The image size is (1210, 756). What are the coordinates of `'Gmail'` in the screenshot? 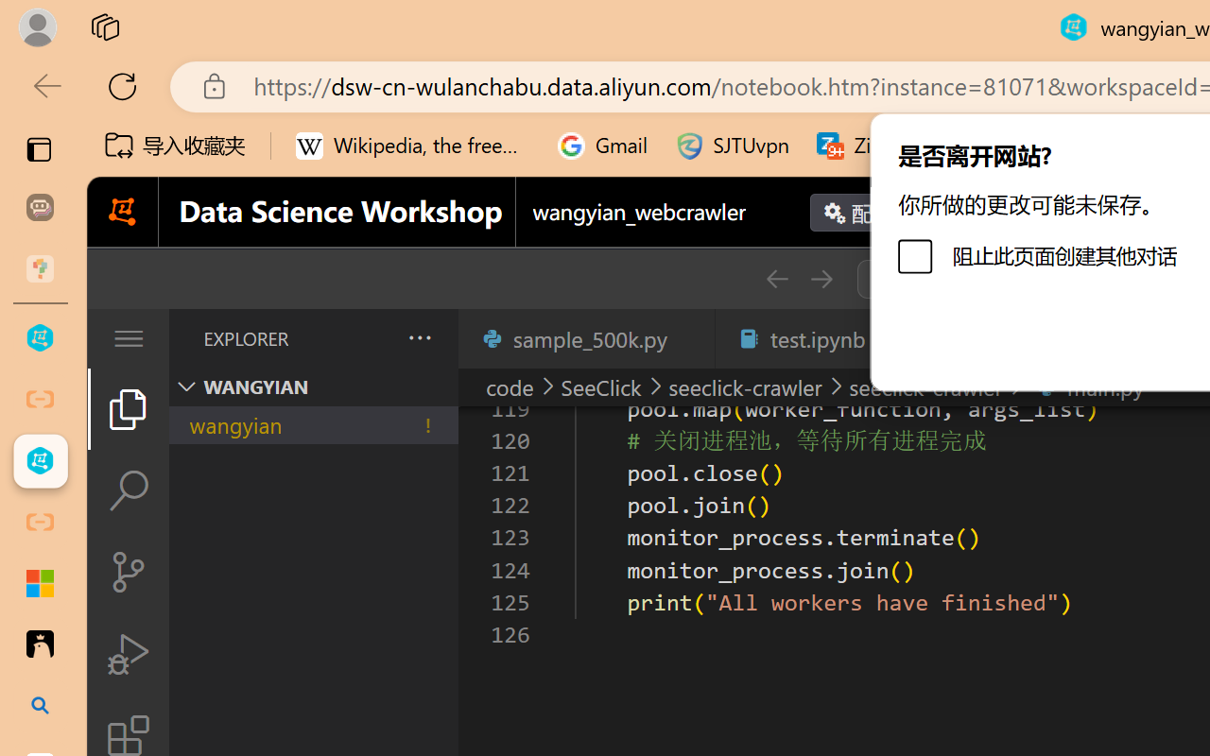 It's located at (602, 146).